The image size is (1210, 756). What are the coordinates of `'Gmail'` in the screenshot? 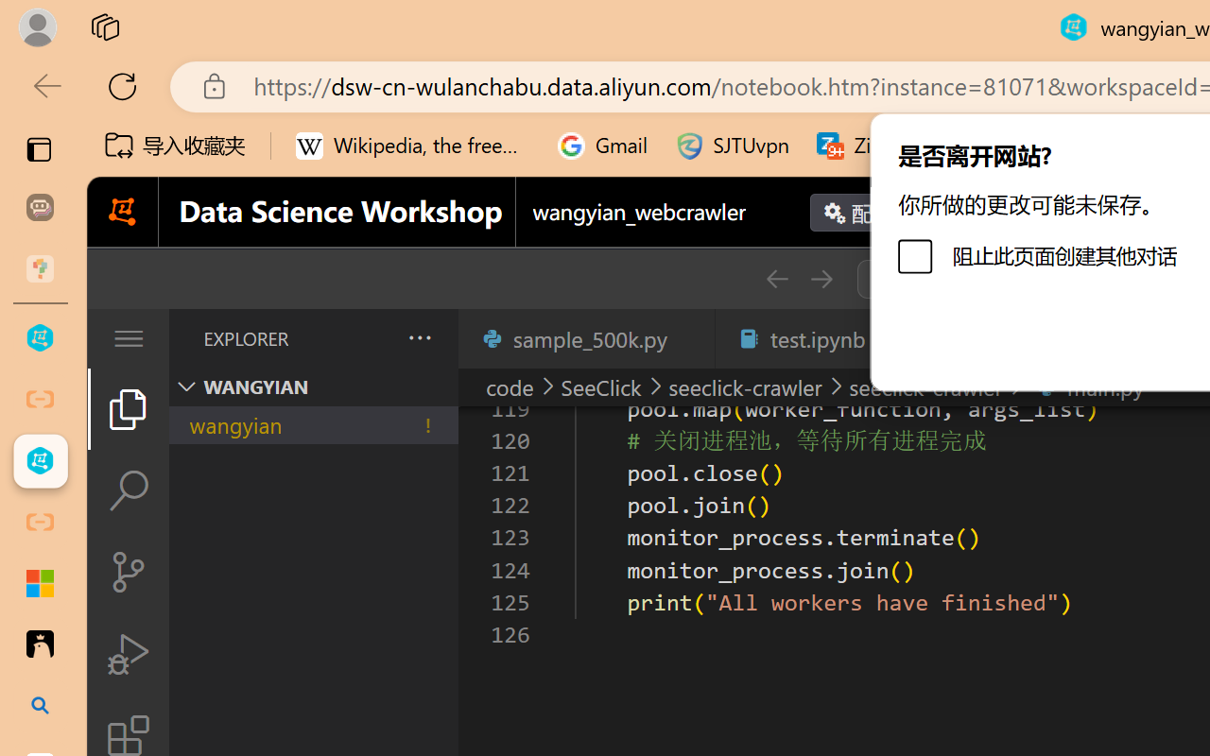 It's located at (602, 146).